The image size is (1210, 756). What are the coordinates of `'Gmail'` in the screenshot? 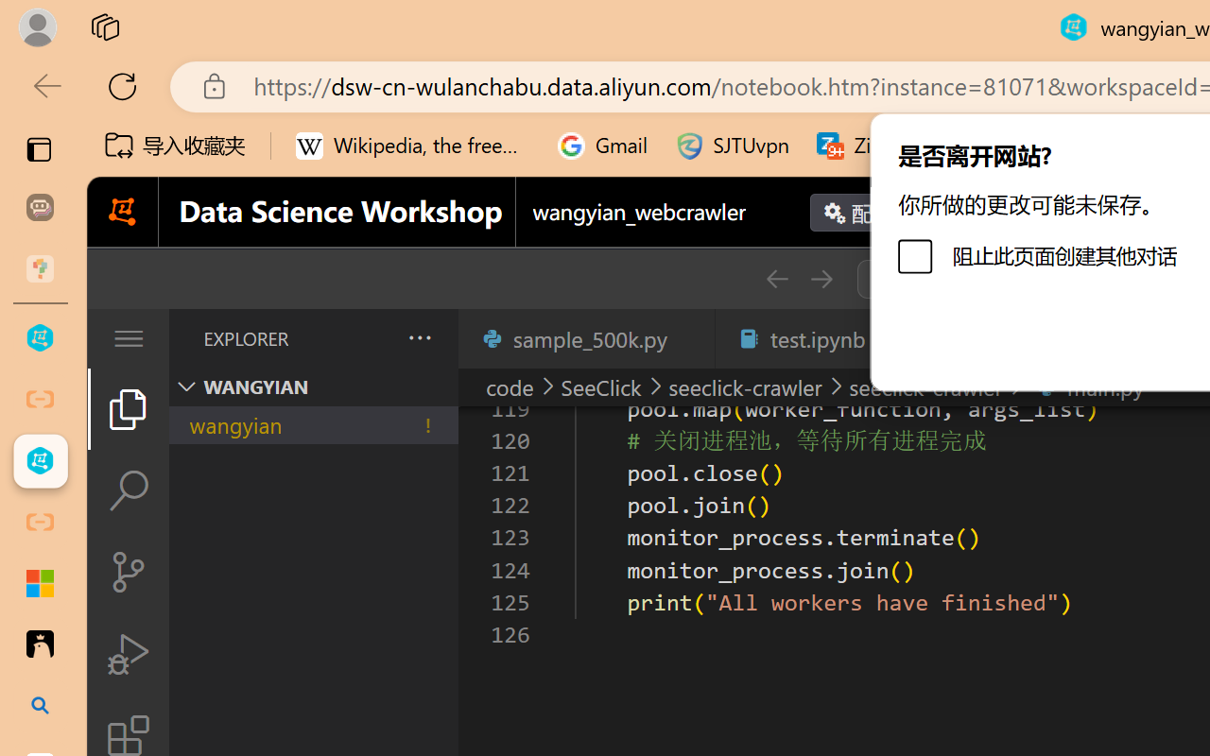 It's located at (602, 146).